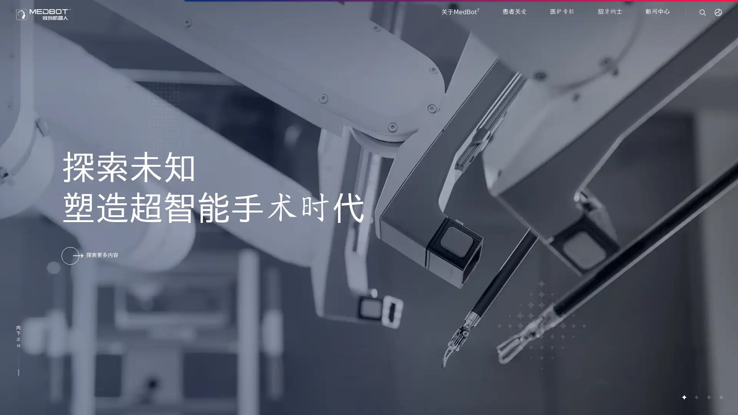 The width and height of the screenshot is (738, 415). I want to click on Go to slide 1, so click(684, 397).